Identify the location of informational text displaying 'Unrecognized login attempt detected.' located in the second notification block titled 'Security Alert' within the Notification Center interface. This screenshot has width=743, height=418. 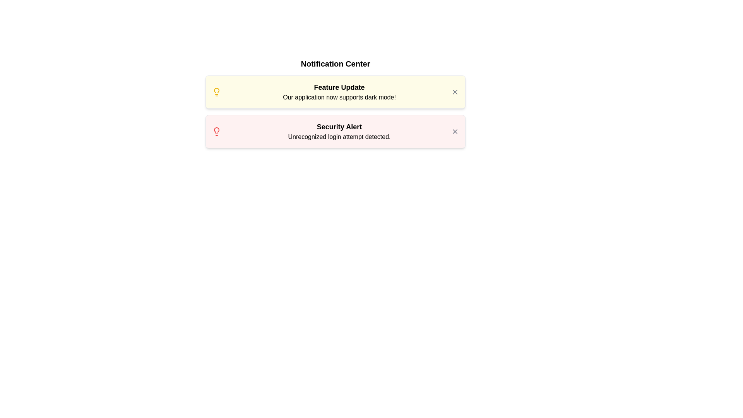
(339, 137).